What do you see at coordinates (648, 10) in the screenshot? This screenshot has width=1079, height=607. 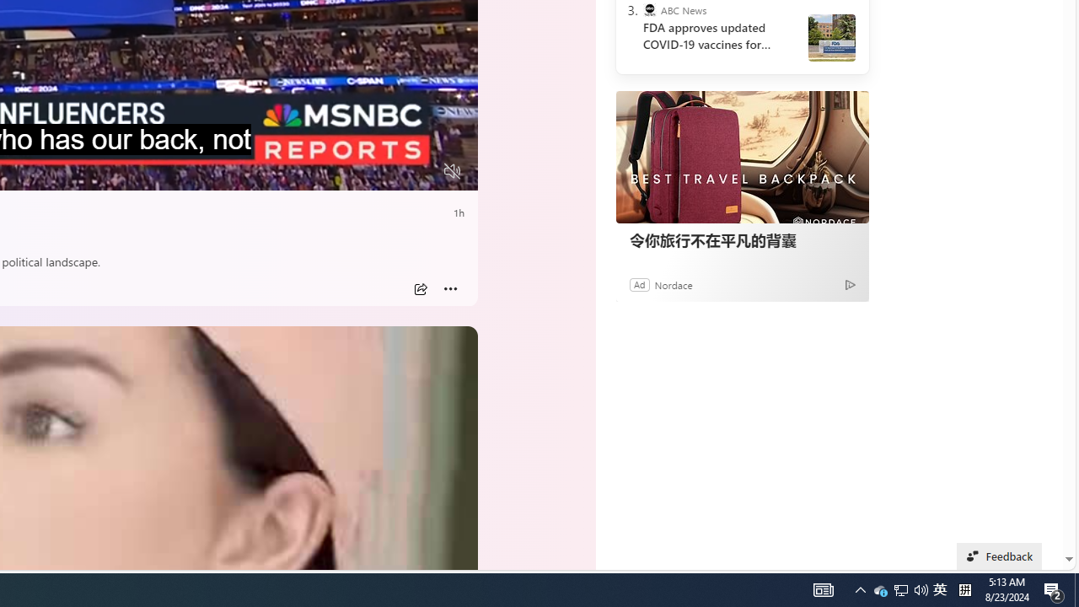 I see `'ABC News'` at bounding box center [648, 10].